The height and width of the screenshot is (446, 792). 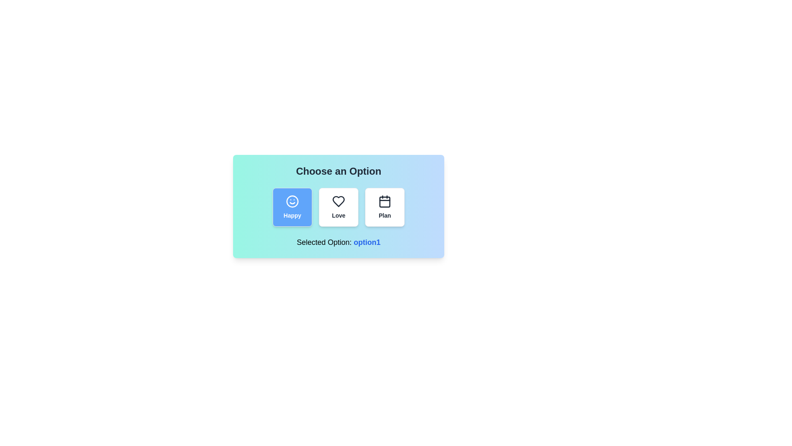 What do you see at coordinates (338, 215) in the screenshot?
I see `the 'Love' text label located beneath the heart icon in the central card of the selection mechanism` at bounding box center [338, 215].